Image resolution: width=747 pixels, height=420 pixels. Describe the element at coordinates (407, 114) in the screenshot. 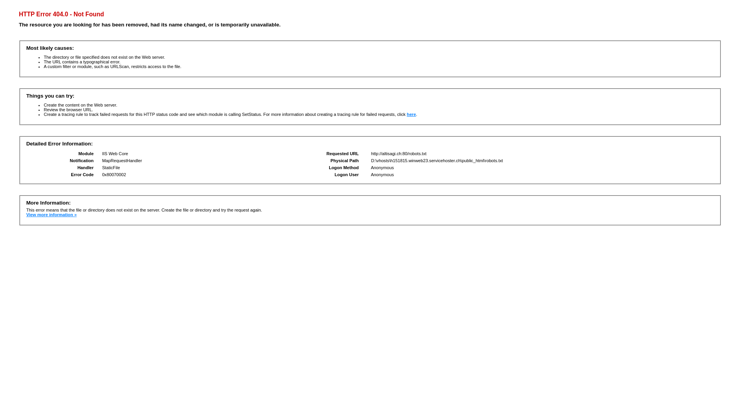

I see `'here'` at that location.